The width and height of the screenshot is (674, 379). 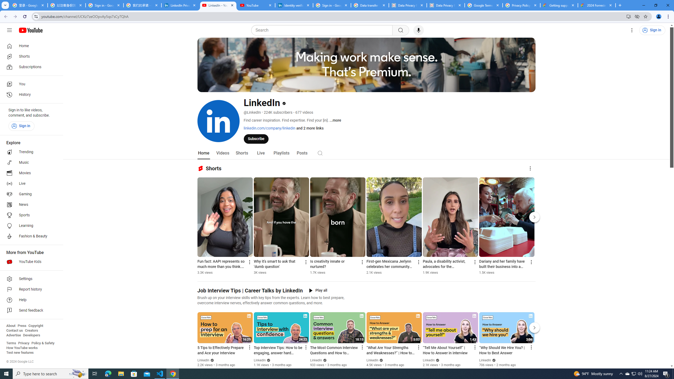 I want to click on 'Report history', so click(x=30, y=289).